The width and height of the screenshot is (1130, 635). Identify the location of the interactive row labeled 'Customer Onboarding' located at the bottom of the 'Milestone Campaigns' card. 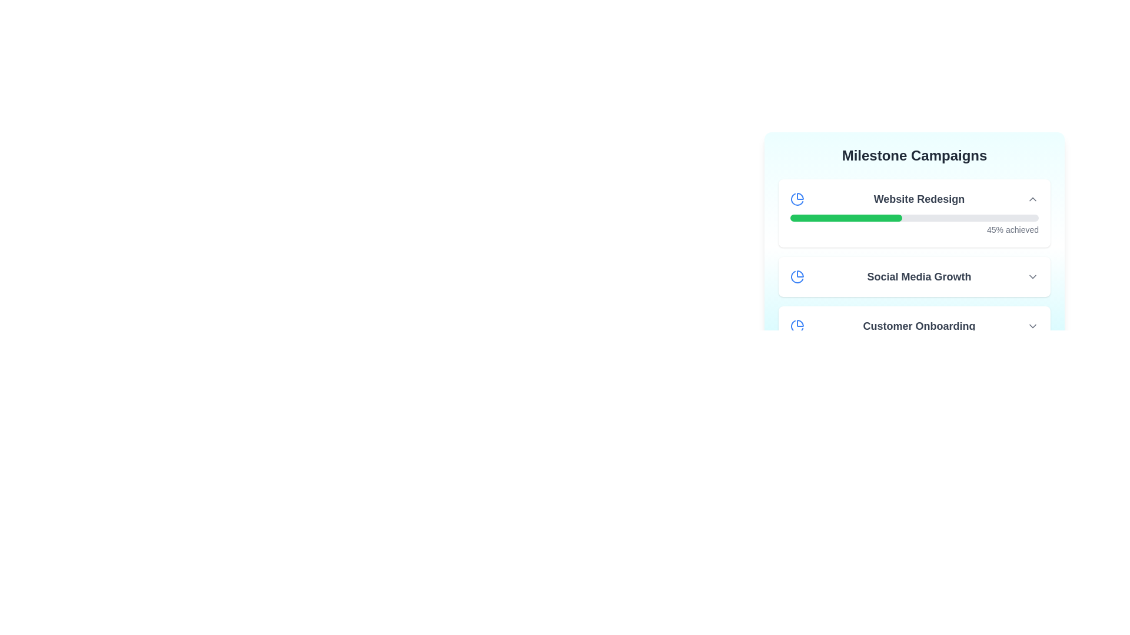
(914, 326).